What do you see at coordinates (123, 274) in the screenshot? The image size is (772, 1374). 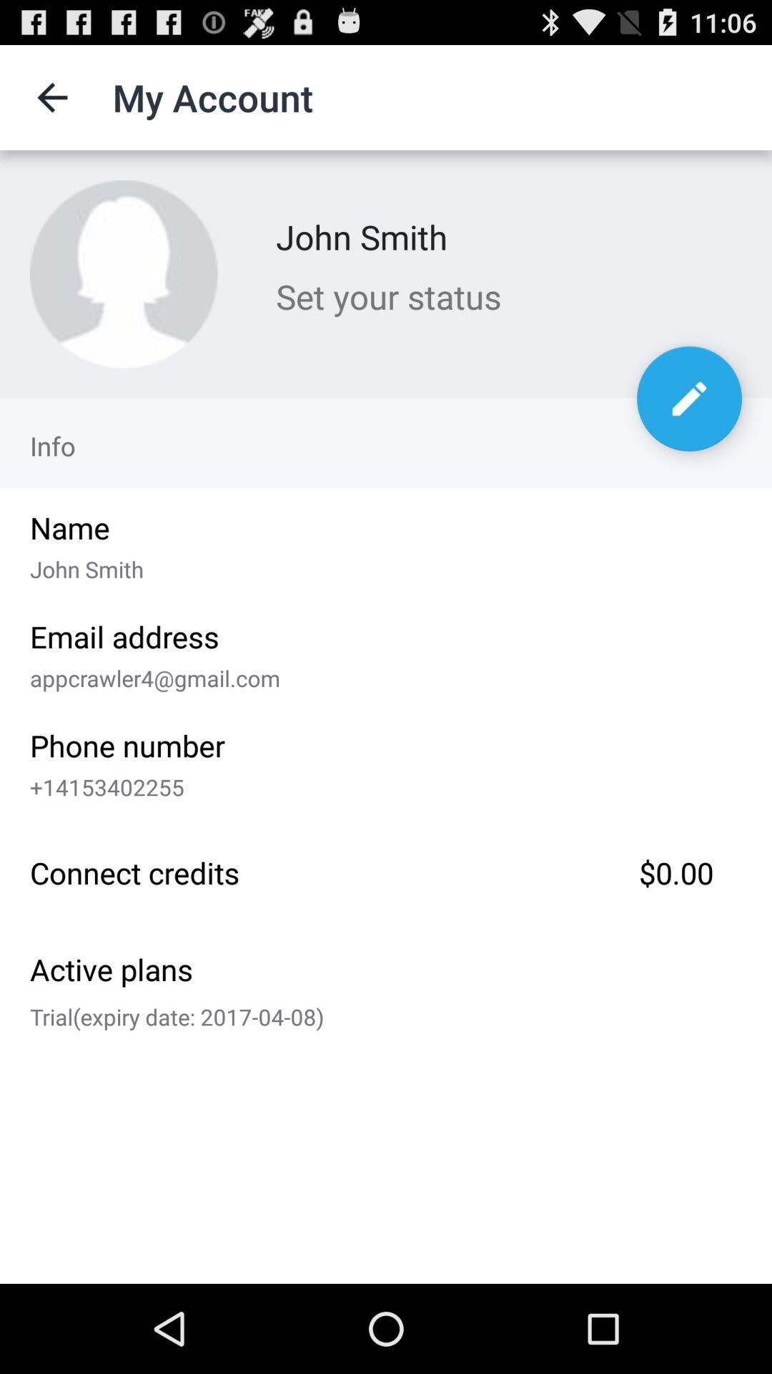 I see `set your photo` at bounding box center [123, 274].